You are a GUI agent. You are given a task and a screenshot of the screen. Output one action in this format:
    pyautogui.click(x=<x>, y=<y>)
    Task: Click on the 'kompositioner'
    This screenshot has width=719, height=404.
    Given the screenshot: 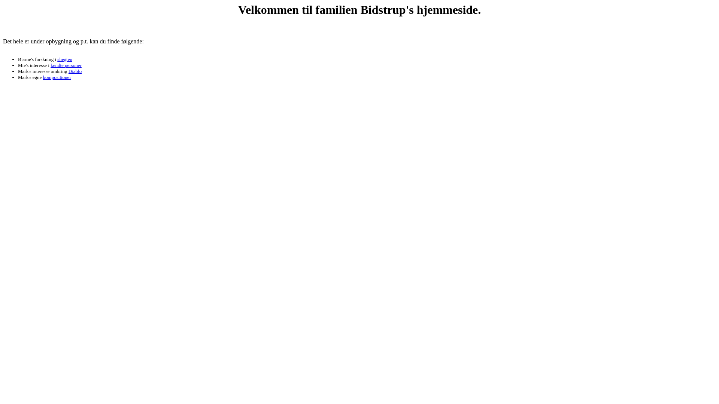 What is the action you would take?
    pyautogui.click(x=57, y=77)
    